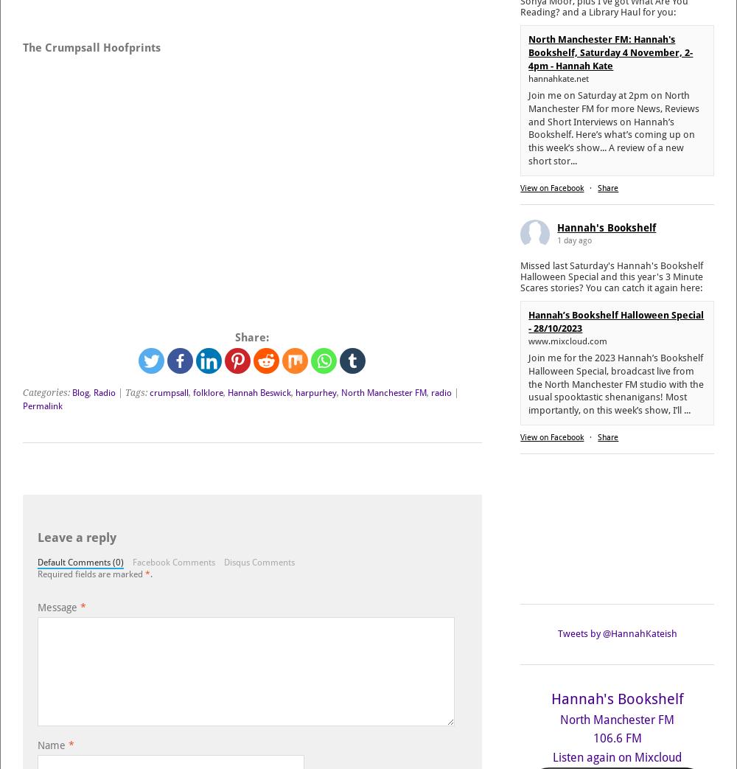 This screenshot has height=769, width=737. What do you see at coordinates (168, 392) in the screenshot?
I see `'crumpsall'` at bounding box center [168, 392].